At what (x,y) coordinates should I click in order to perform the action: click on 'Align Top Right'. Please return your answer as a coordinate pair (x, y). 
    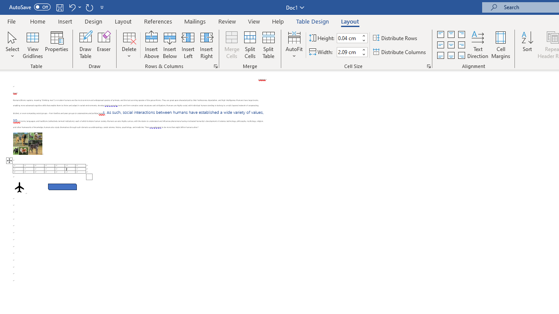
    Looking at the image, I should click on (461, 34).